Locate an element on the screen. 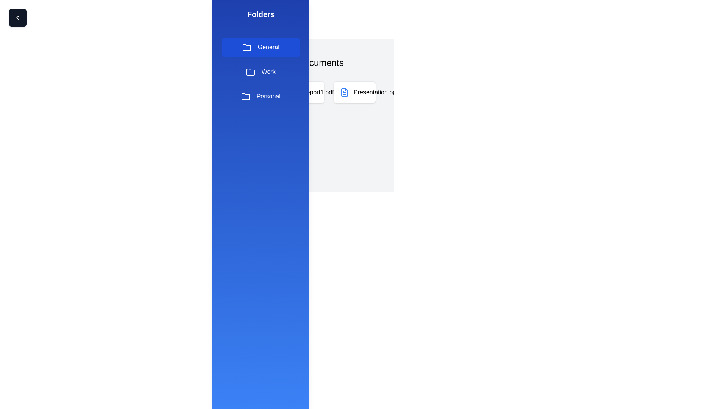  the File entry for 'Presentation.pptx' is located at coordinates (370, 92).